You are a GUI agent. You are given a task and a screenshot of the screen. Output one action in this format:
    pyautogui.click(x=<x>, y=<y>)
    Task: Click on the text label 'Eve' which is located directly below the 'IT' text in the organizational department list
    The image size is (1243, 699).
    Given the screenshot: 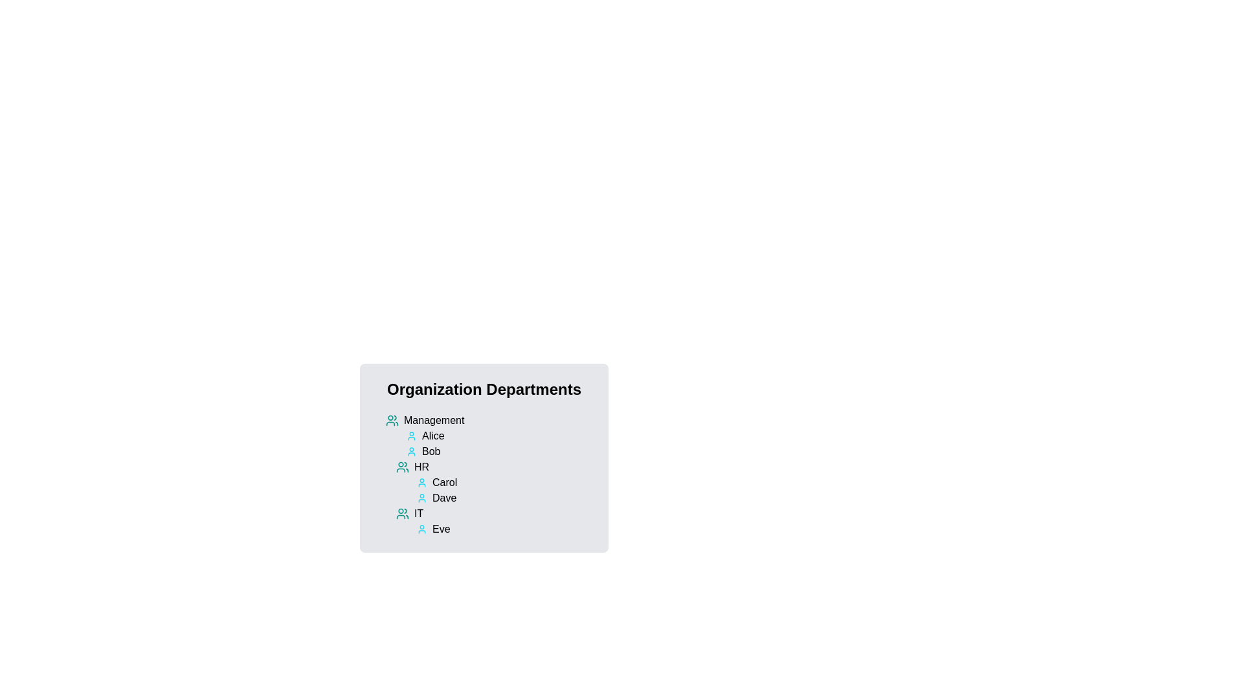 What is the action you would take?
    pyautogui.click(x=441, y=529)
    